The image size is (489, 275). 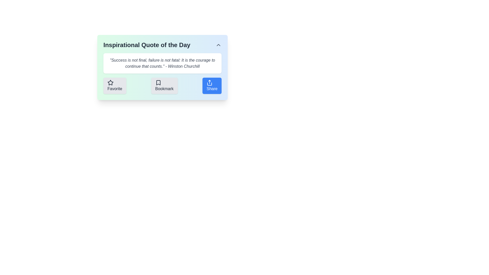 I want to click on the star-shaped icon button located in the leftmost position among three interactive buttons under the inspirational quote section to favorite or unfavorite the quote, so click(x=110, y=82).